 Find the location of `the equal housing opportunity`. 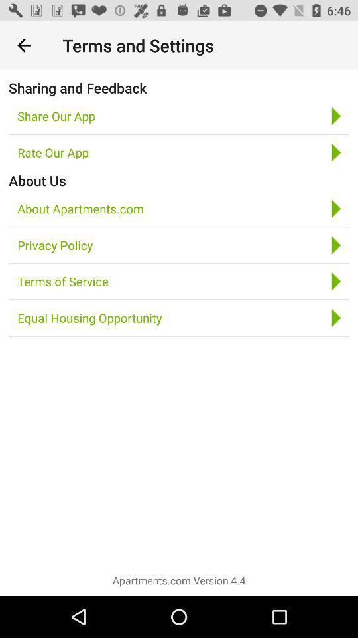

the equal housing opportunity is located at coordinates (89, 318).